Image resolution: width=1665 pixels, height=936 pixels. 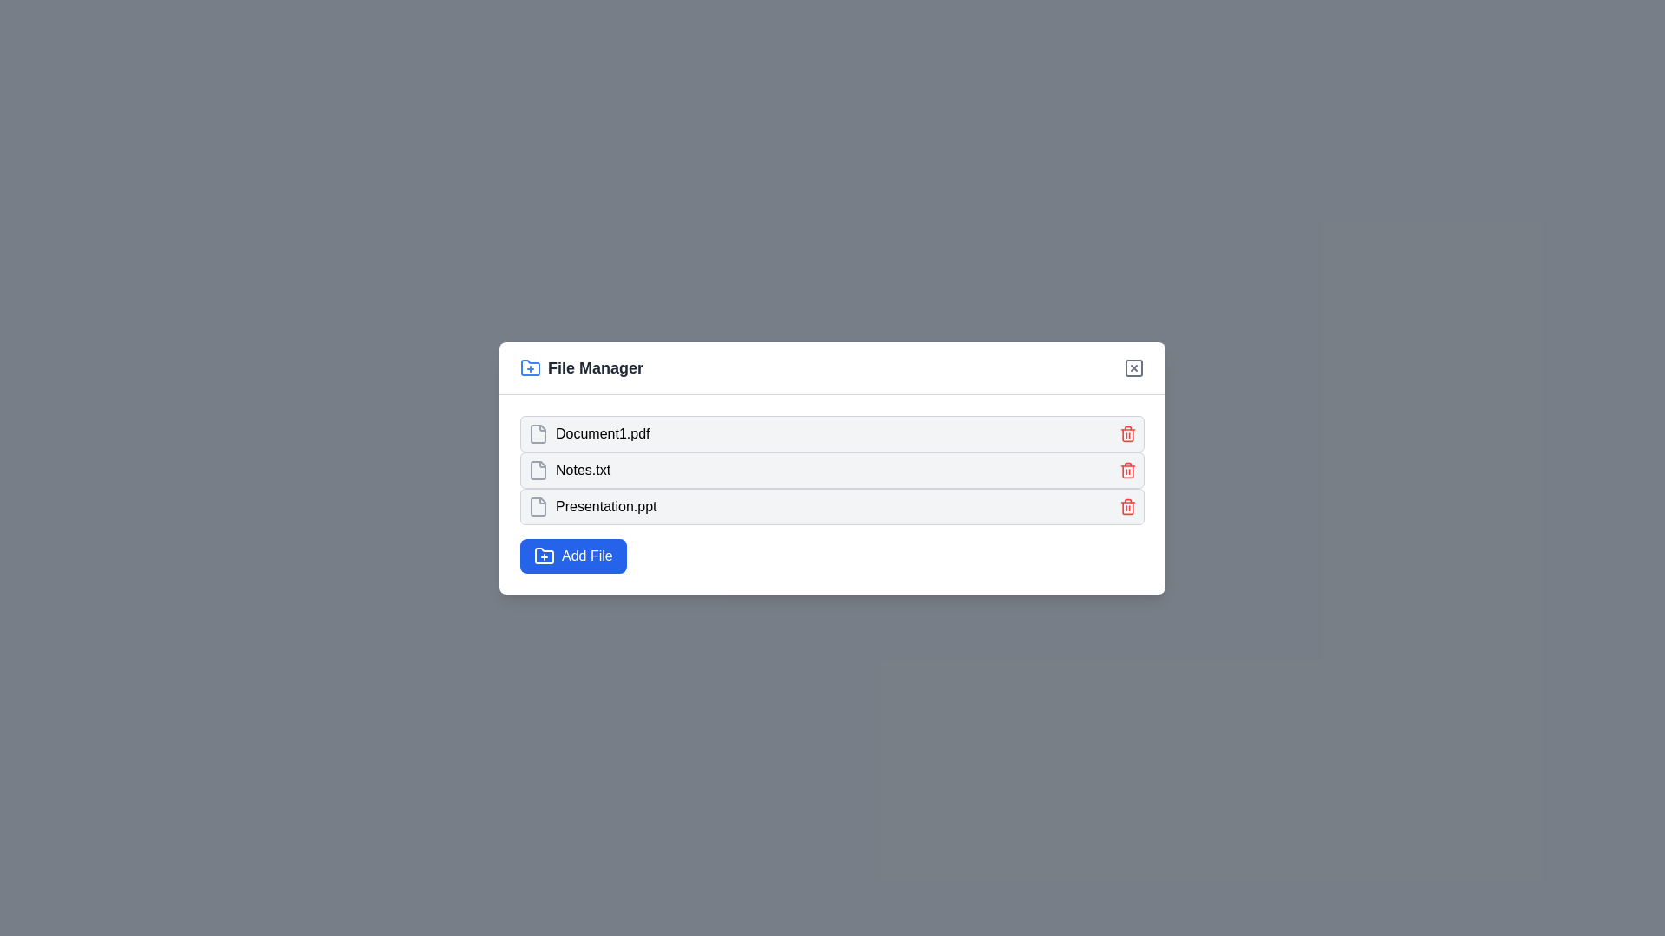 I want to click on the file management icon located in the upper-left corner of the file manager box, adjacent to the 'File Manager' header text, so click(x=529, y=367).